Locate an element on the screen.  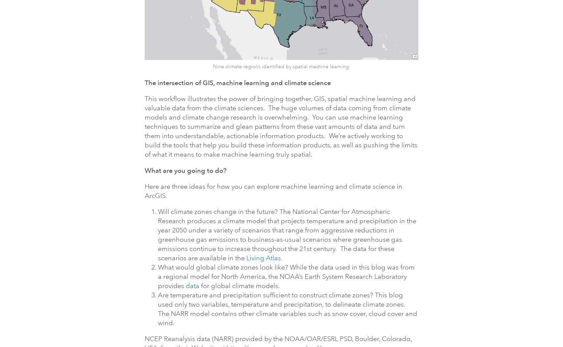
'What are you going to do?' is located at coordinates (185, 170).